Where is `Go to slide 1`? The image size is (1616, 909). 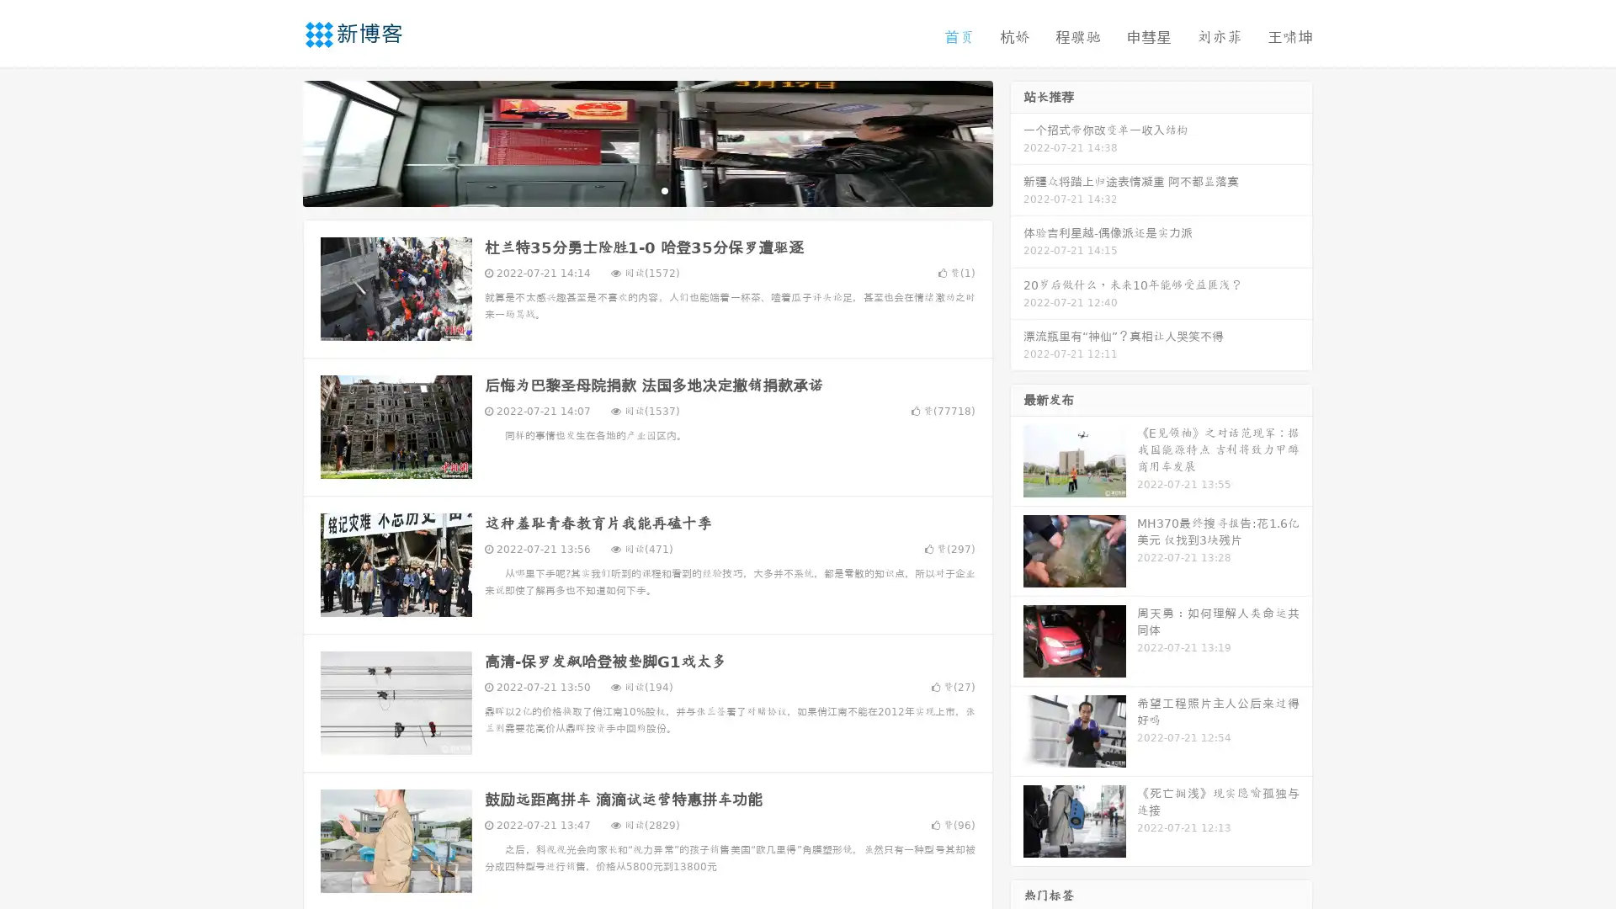 Go to slide 1 is located at coordinates (630, 189).